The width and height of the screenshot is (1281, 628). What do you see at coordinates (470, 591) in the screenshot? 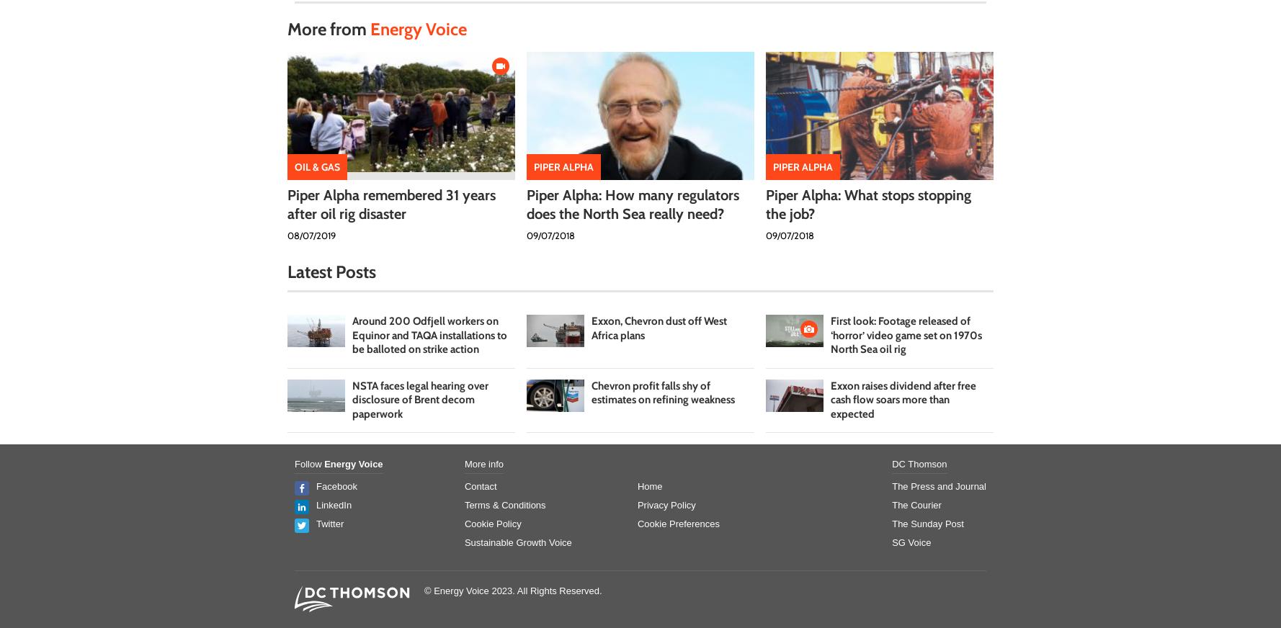
I see `'© Energy Voice 2023.'` at bounding box center [470, 591].